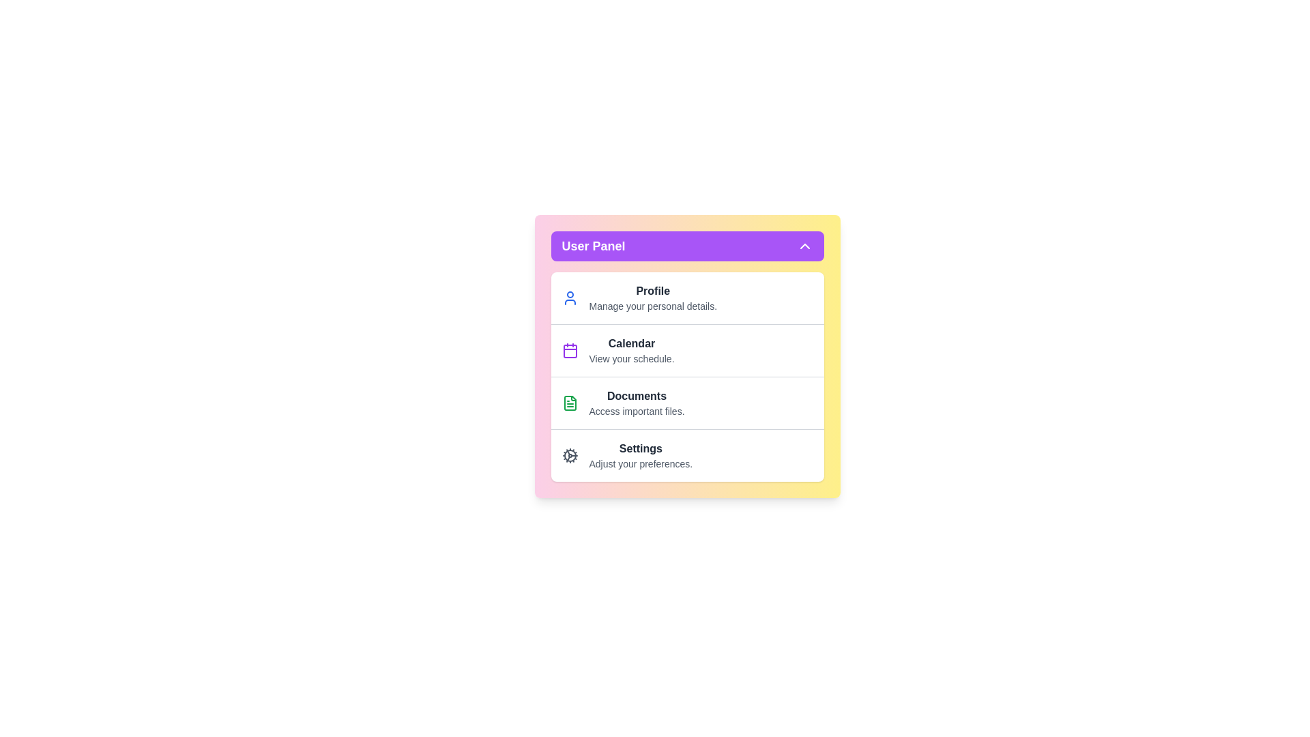  I want to click on the clickable list item labeled 'Documents' in the 'User Panel', so click(687, 402).